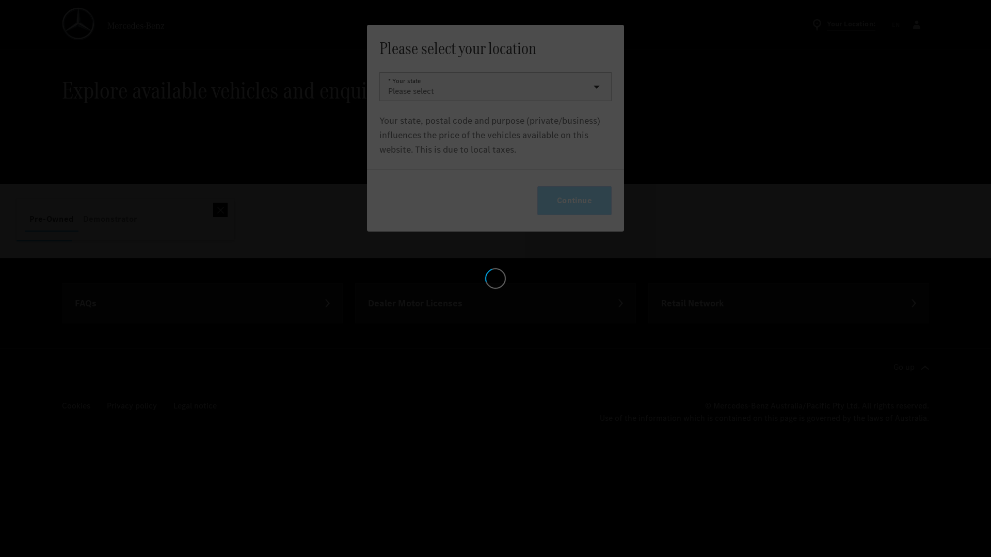 This screenshot has width=991, height=557. Describe the element at coordinates (574, 201) in the screenshot. I see `'Continue'` at that location.